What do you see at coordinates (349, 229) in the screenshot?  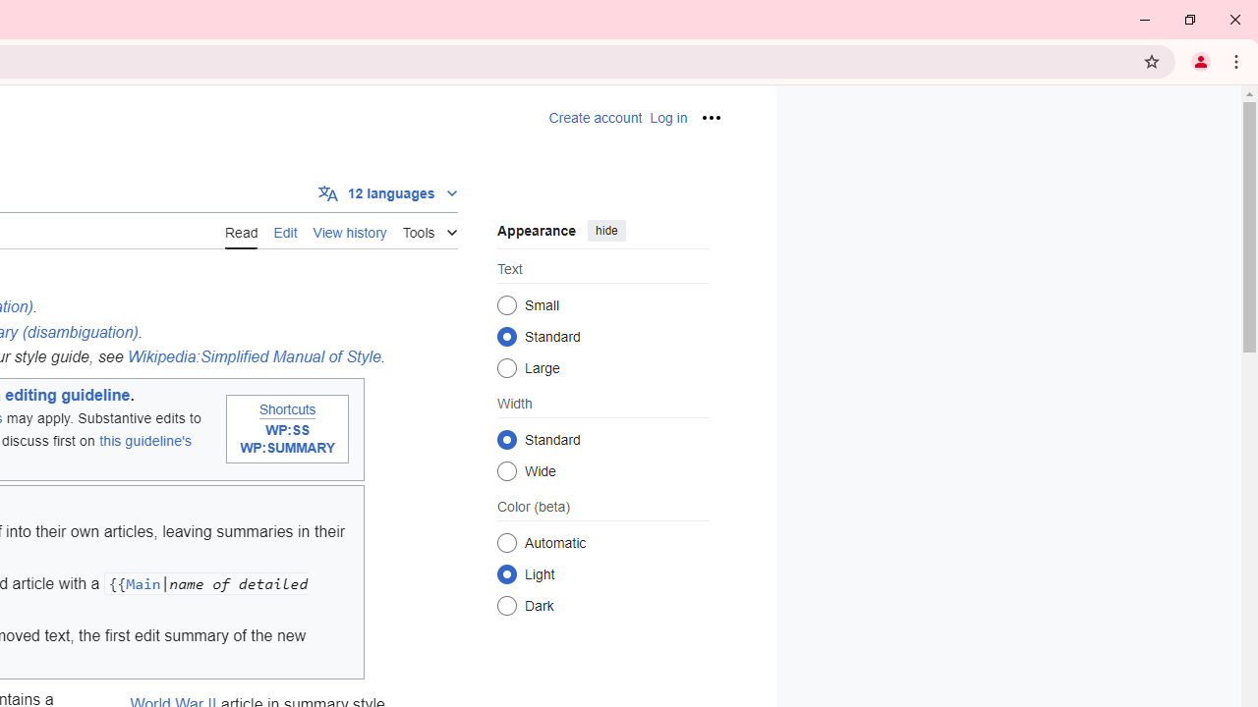 I see `'AutomationID: ca-history'` at bounding box center [349, 229].